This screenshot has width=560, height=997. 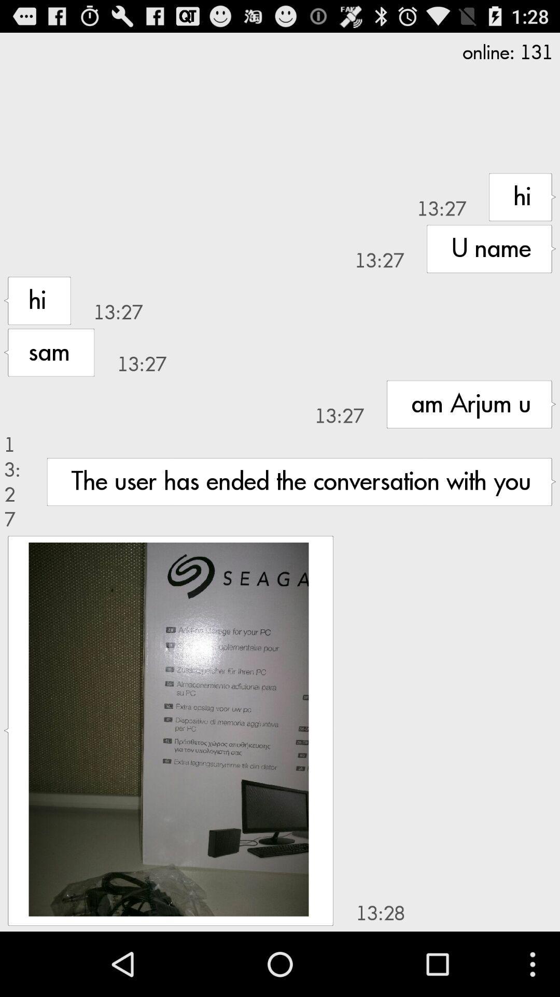 What do you see at coordinates (168, 729) in the screenshot?
I see `the app to the left of the 13:28 item` at bounding box center [168, 729].